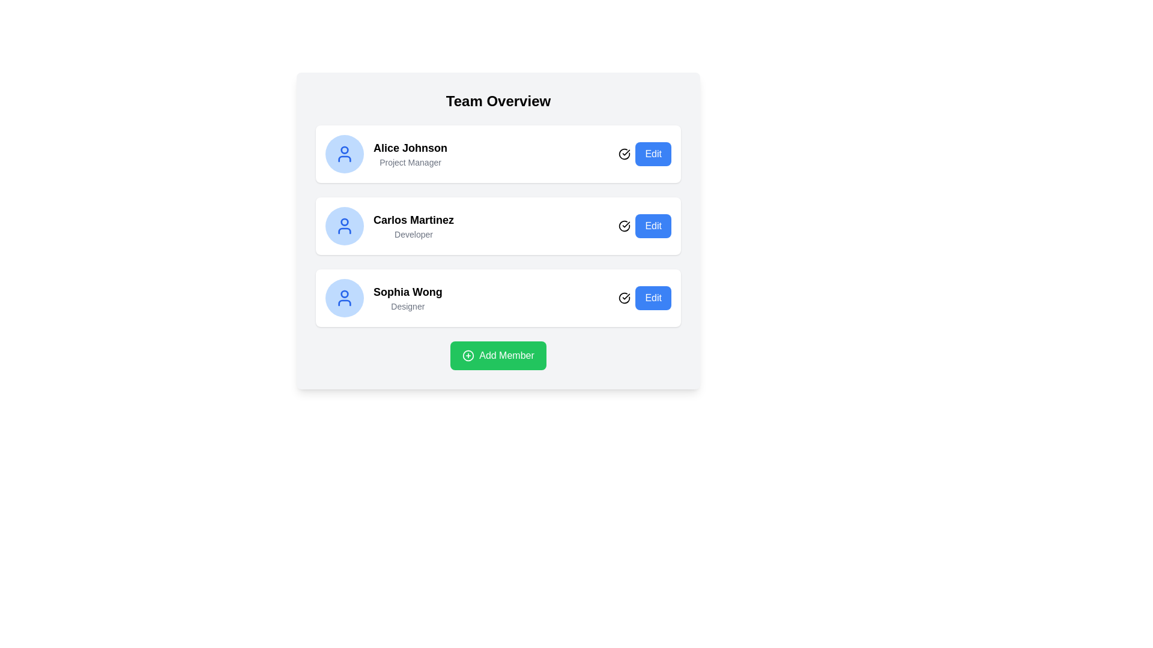  Describe the element at coordinates (414, 226) in the screenshot. I see `the text block displaying the name and role of a user, located centrally in the second card of the vertical list of user cards, between 'Alice Johnson Project Manager' and 'Sophia Wong Designer'` at that location.